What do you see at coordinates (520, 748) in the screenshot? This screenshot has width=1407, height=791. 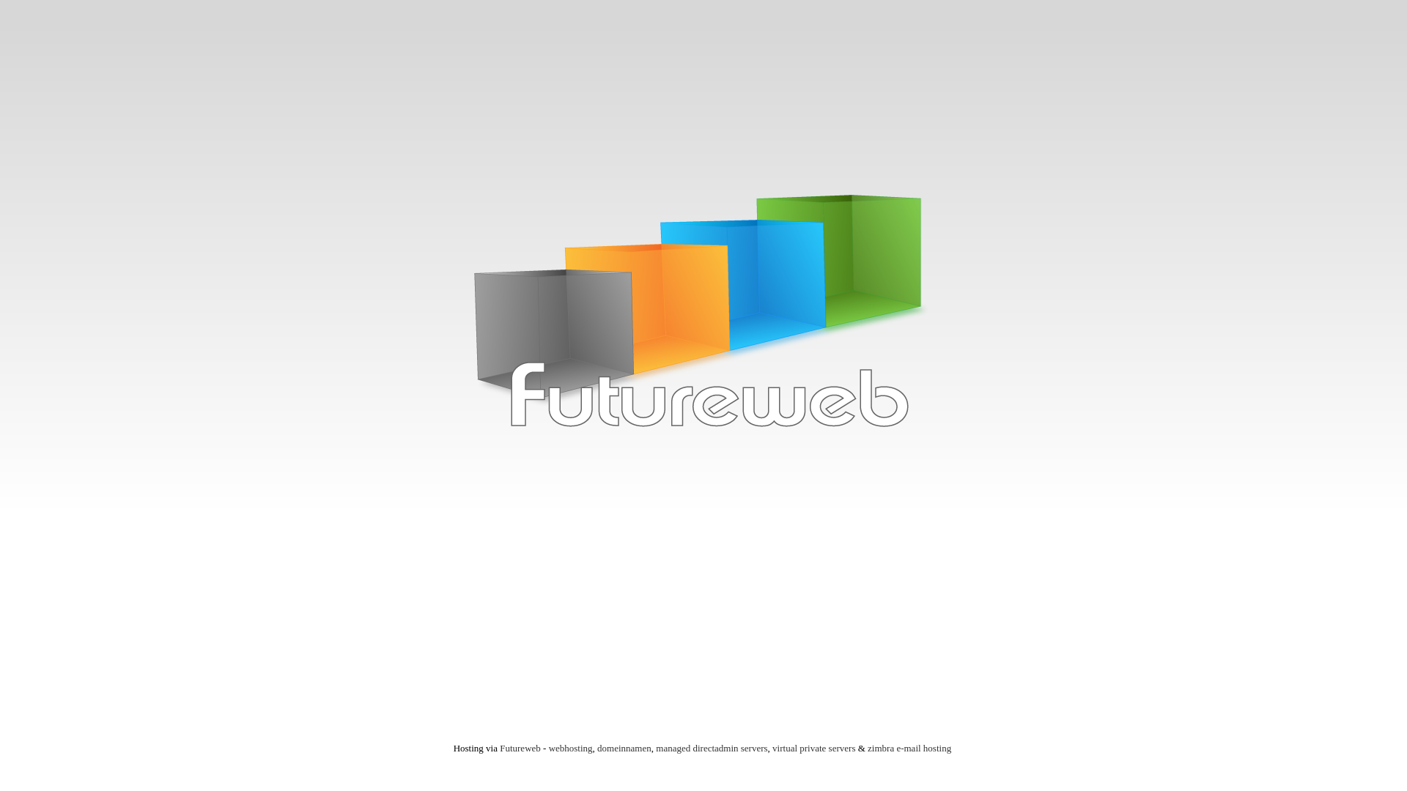 I see `'Futureweb'` at bounding box center [520, 748].